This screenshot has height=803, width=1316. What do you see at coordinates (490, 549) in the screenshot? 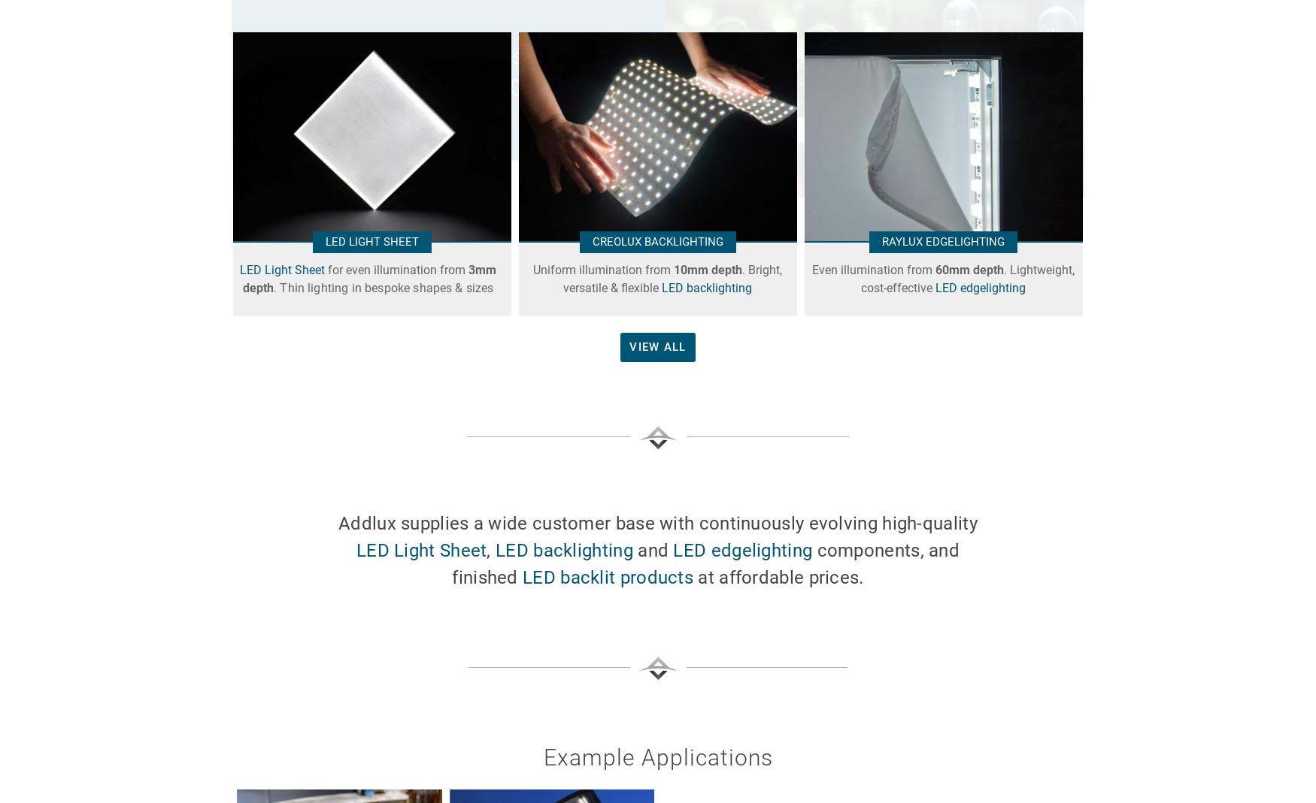
I see `','` at bounding box center [490, 549].